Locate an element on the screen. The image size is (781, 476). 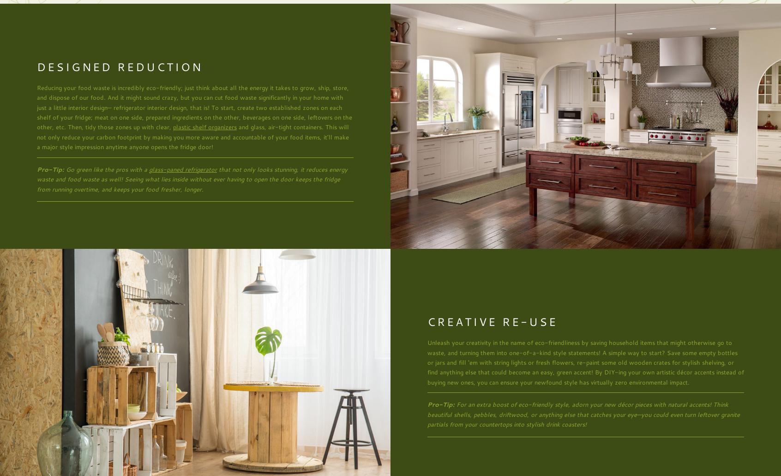
'Designed Reduction' is located at coordinates (120, 66).